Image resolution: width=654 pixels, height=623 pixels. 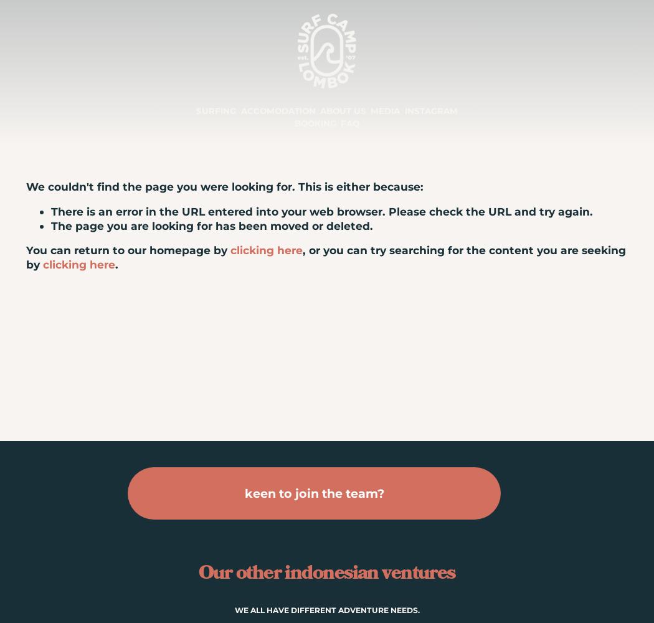 I want to click on 'WE ALL HAVE DIFFERENT ADVENTURE NEEDS.', so click(x=326, y=609).